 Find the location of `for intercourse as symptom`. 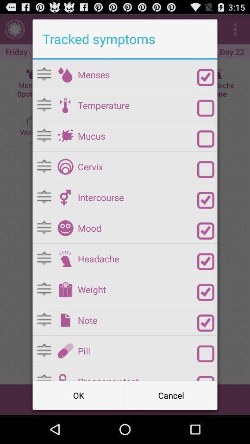

for intercourse as symptom is located at coordinates (206, 200).